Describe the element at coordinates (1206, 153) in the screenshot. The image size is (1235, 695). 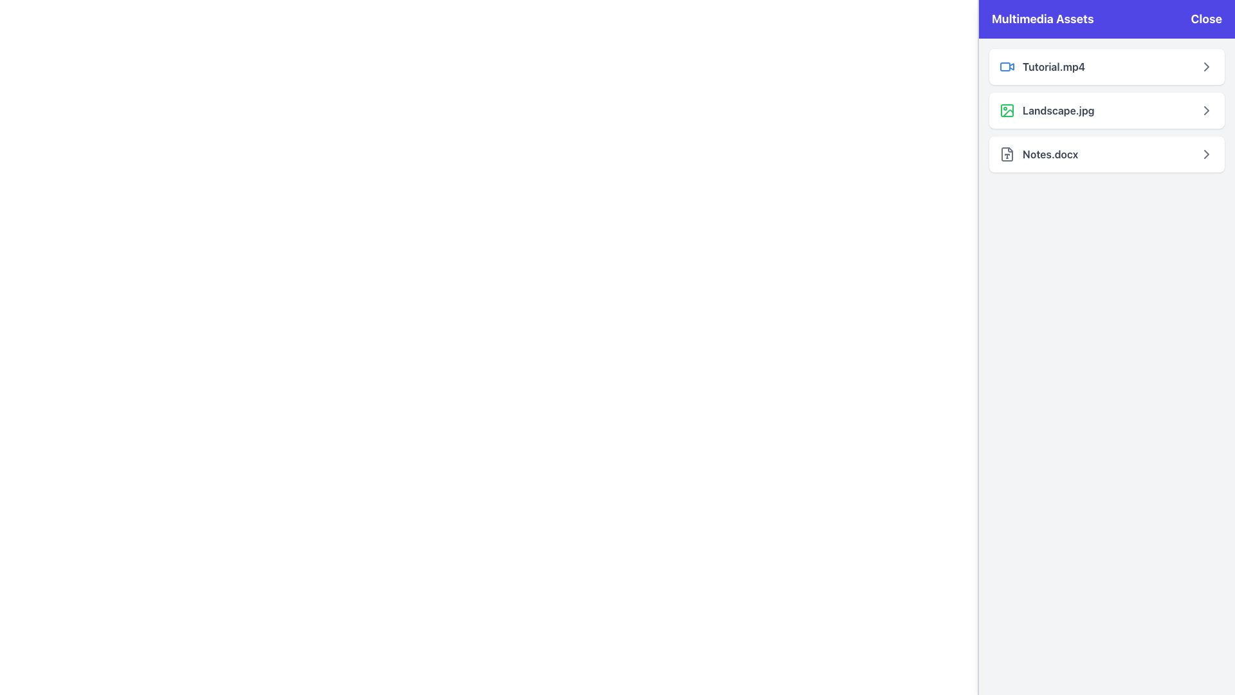
I see `the rightward-pointing chevron icon button located to the right of the 'Notes.docx' title in the Multimedia Assets section to proceed` at that location.